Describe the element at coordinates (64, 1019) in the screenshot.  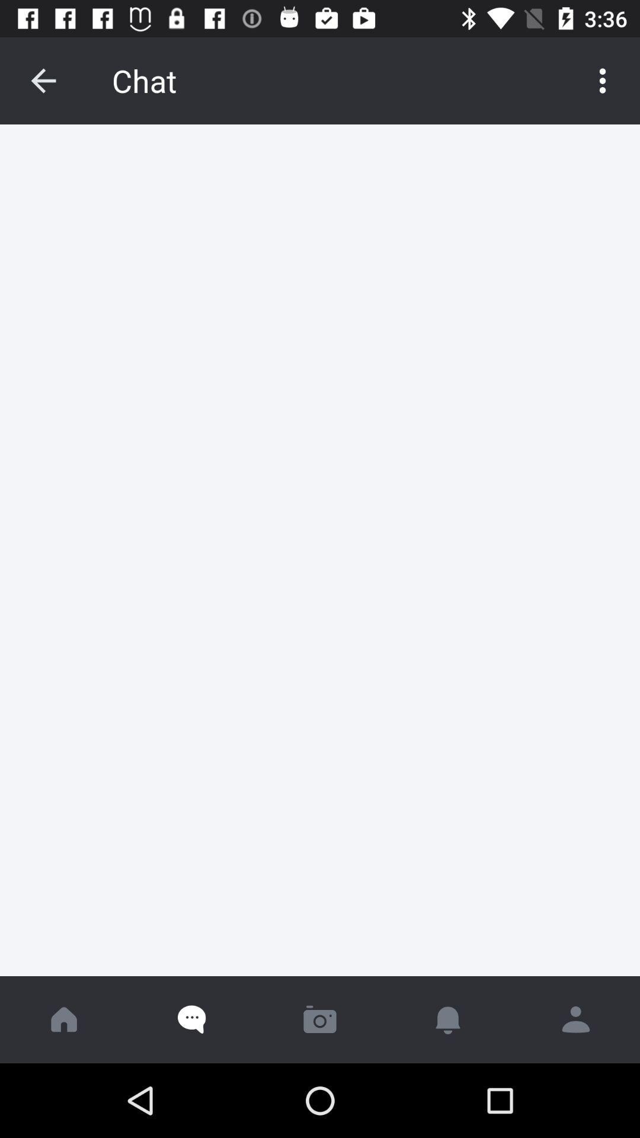
I see `homepage` at that location.